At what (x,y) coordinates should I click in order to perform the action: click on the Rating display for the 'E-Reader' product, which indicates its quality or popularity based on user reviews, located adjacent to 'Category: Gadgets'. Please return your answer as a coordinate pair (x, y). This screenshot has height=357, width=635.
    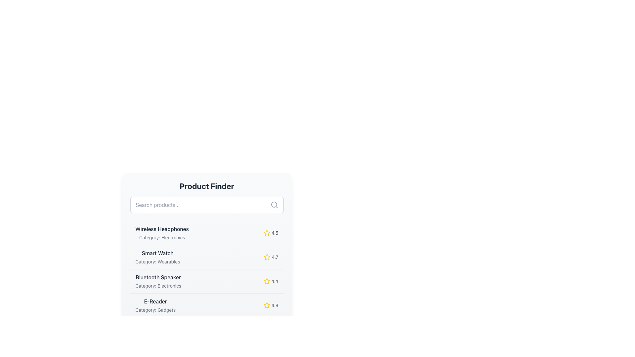
    Looking at the image, I should click on (271, 305).